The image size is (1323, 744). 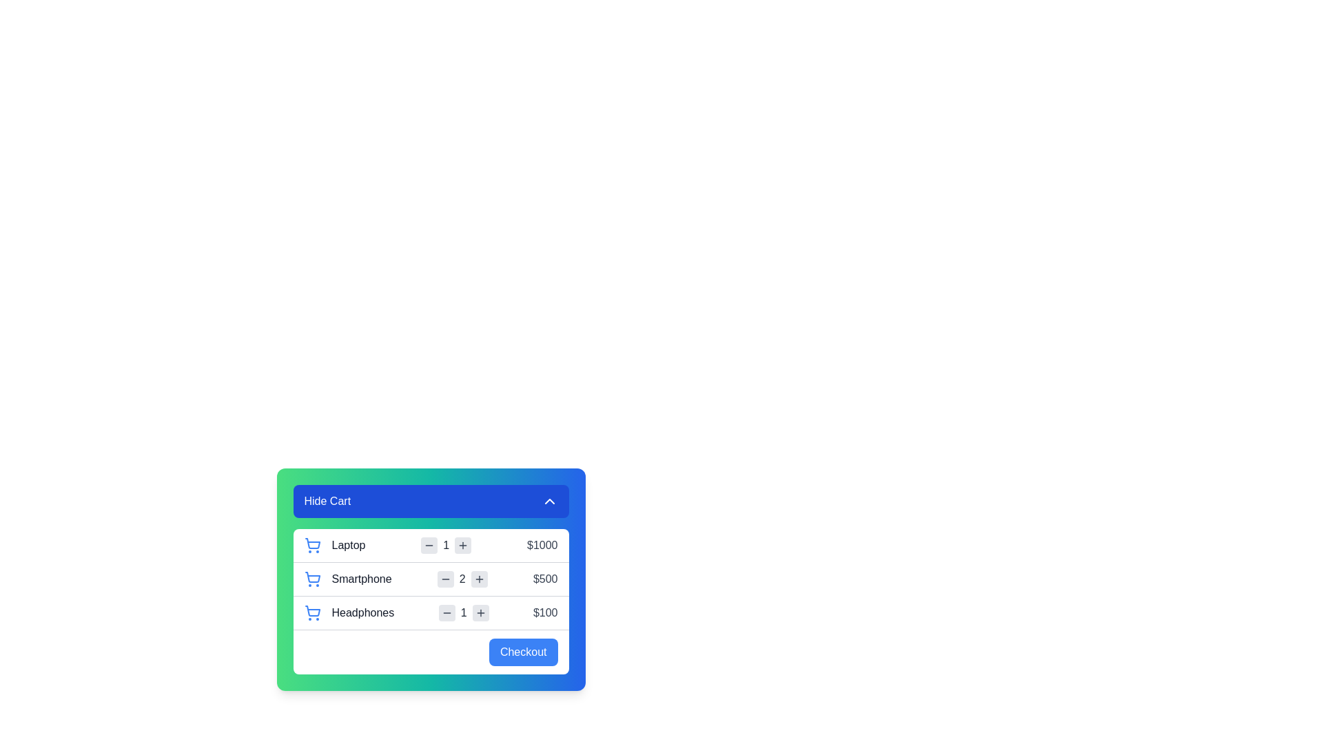 What do you see at coordinates (479, 579) in the screenshot?
I see `the small square button with a plus sign icon to increment the quantity of the 'Smartphone' item in the shopping cart` at bounding box center [479, 579].